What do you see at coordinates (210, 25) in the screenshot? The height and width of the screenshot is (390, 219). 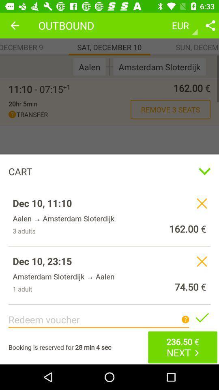 I see `share the article` at bounding box center [210, 25].